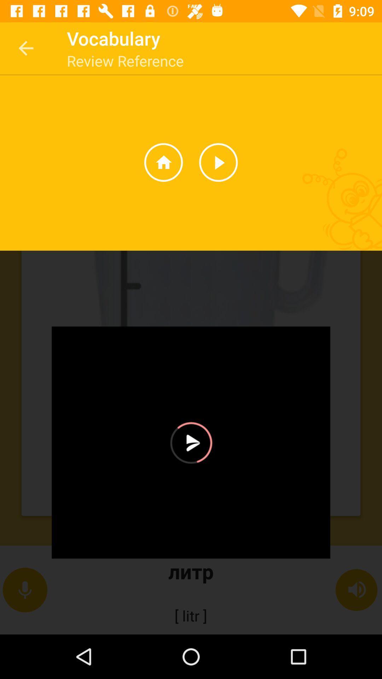  I want to click on the play icon, so click(218, 162).